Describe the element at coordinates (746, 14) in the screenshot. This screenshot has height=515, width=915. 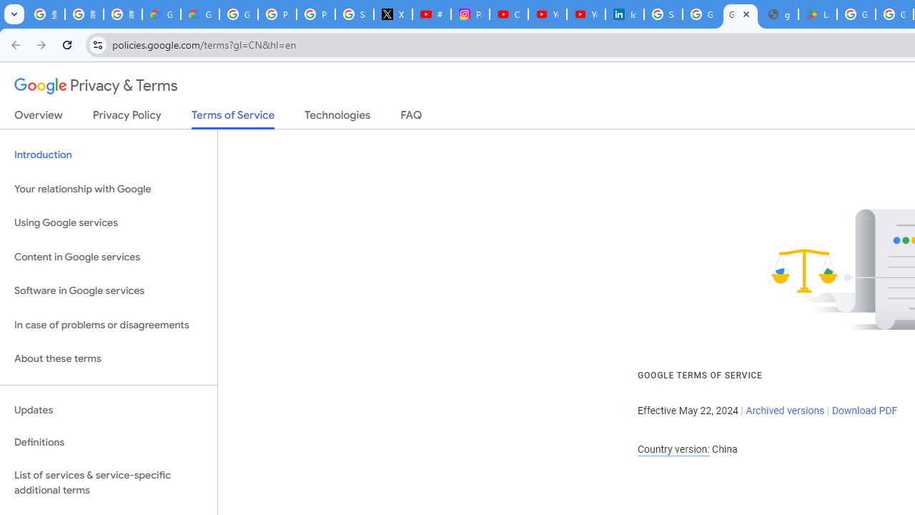
I see `'Close'` at that location.